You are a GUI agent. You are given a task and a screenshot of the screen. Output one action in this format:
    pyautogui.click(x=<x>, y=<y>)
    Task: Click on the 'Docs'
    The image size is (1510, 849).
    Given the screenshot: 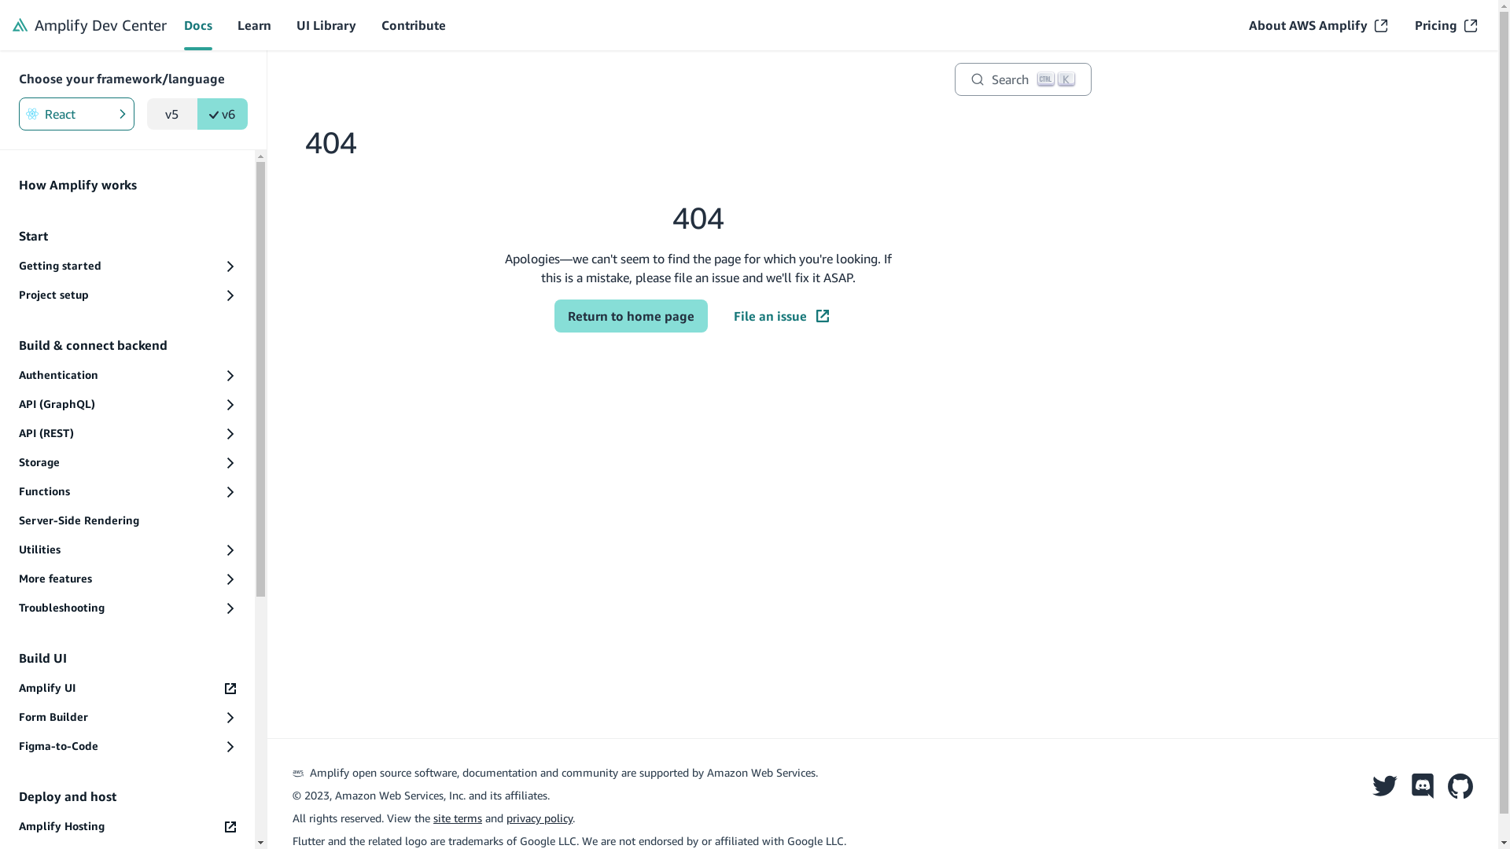 What is the action you would take?
    pyautogui.click(x=197, y=24)
    